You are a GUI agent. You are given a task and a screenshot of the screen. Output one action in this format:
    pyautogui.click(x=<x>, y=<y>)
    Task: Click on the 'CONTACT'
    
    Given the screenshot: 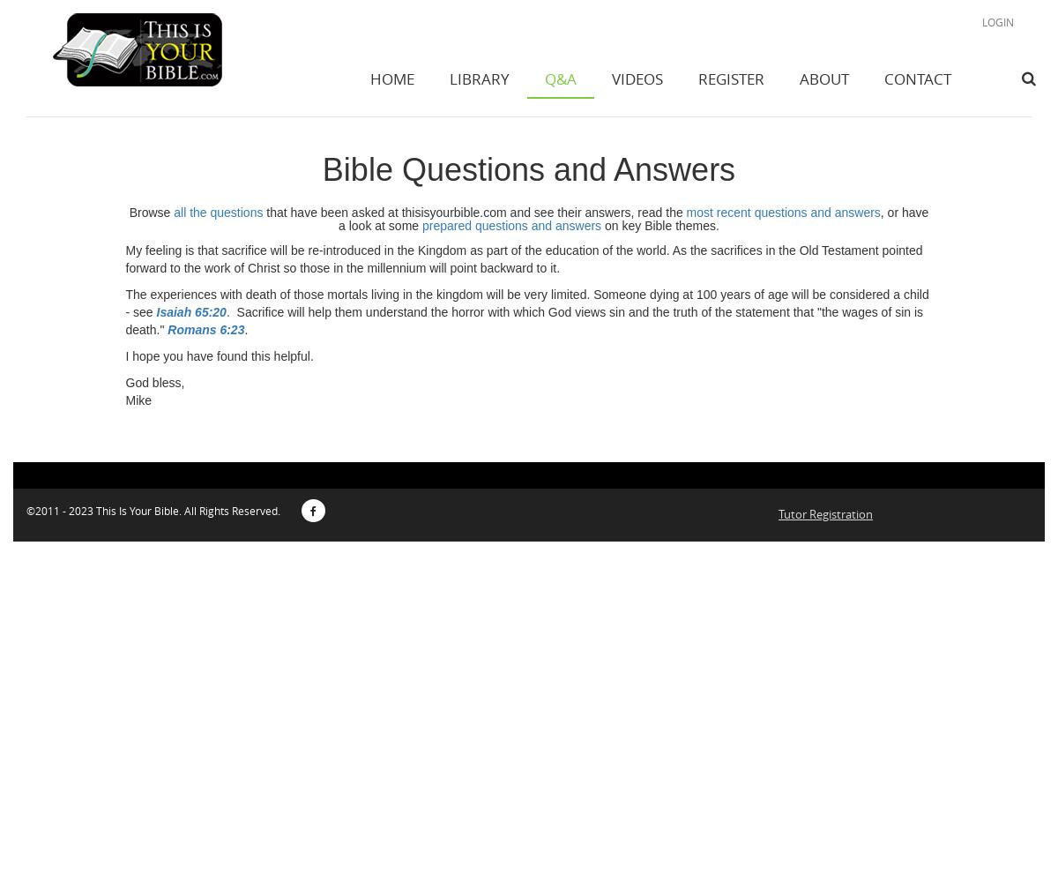 What is the action you would take?
    pyautogui.click(x=883, y=78)
    